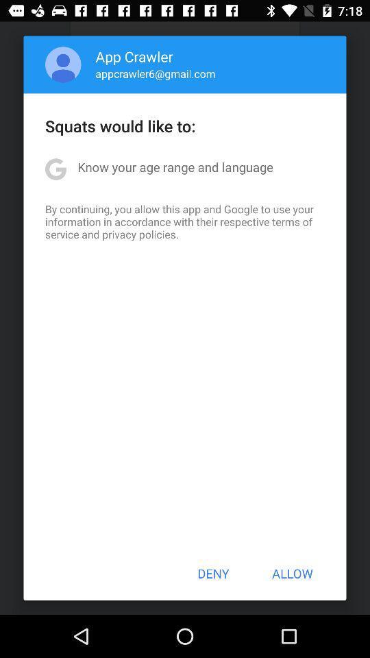 This screenshot has width=370, height=658. What do you see at coordinates (213, 573) in the screenshot?
I see `the deny` at bounding box center [213, 573].